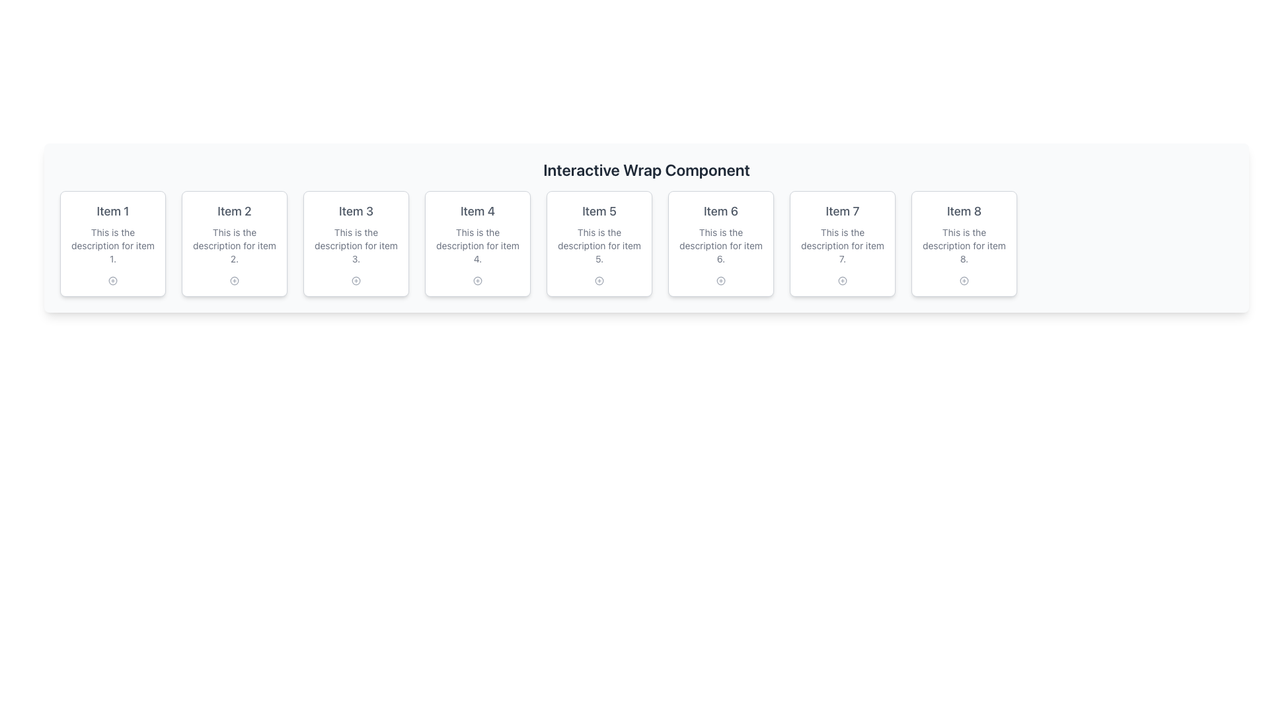  Describe the element at coordinates (477, 280) in the screenshot. I see `the hollow circular graphical element within the SVG icon located in the 'Item 4' card, positioned below the text content` at that location.